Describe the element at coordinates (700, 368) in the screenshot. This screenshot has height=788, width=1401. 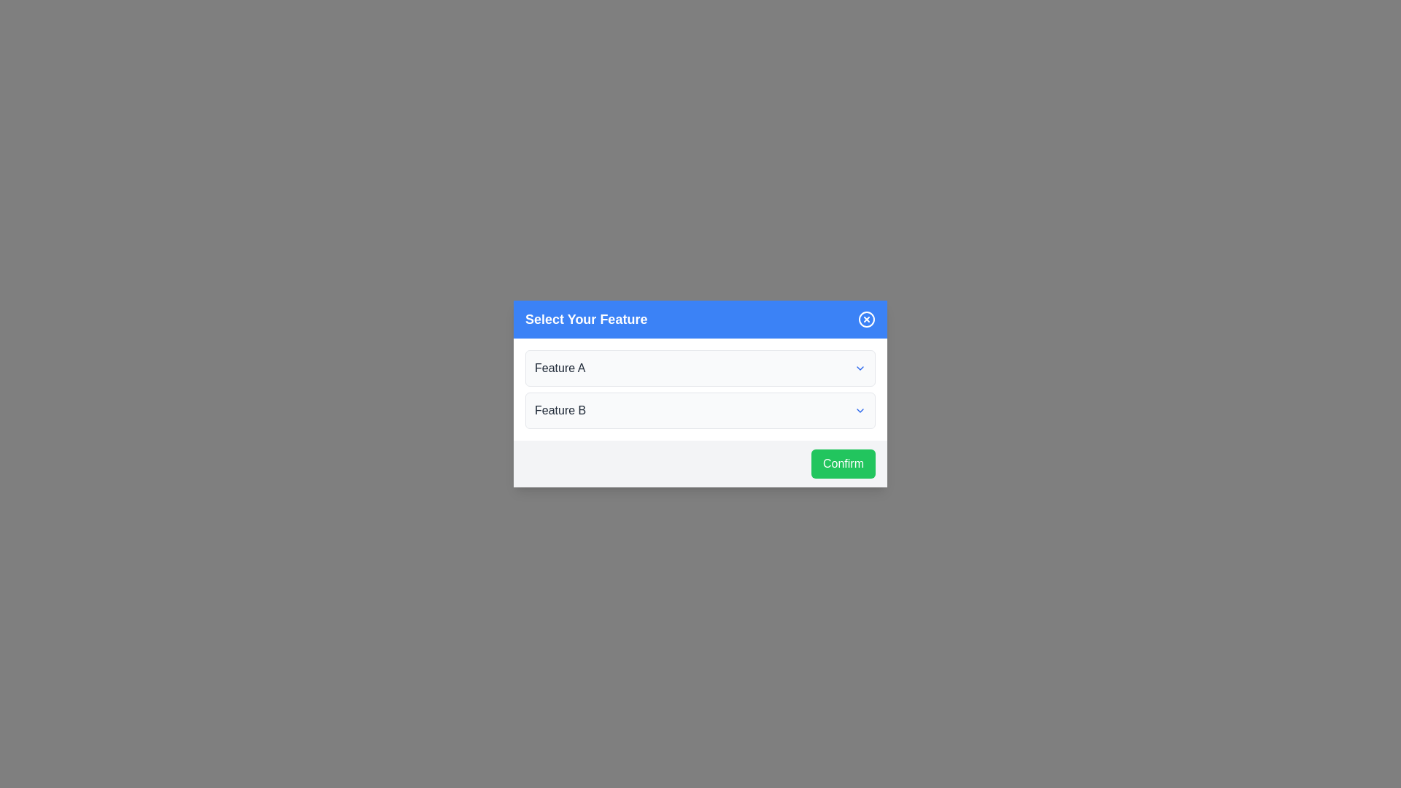
I see `the first selectable option in the dropdown menu labeled 'Feature A' within the 'Select Your Feature' dialog box` at that location.